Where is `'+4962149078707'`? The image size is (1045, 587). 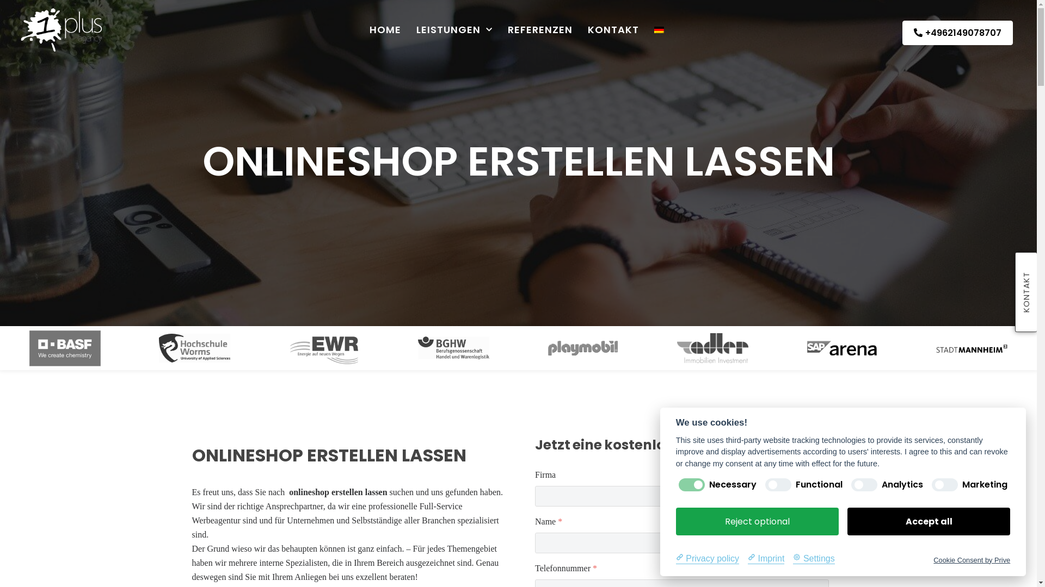 '+4962149078707' is located at coordinates (902, 32).